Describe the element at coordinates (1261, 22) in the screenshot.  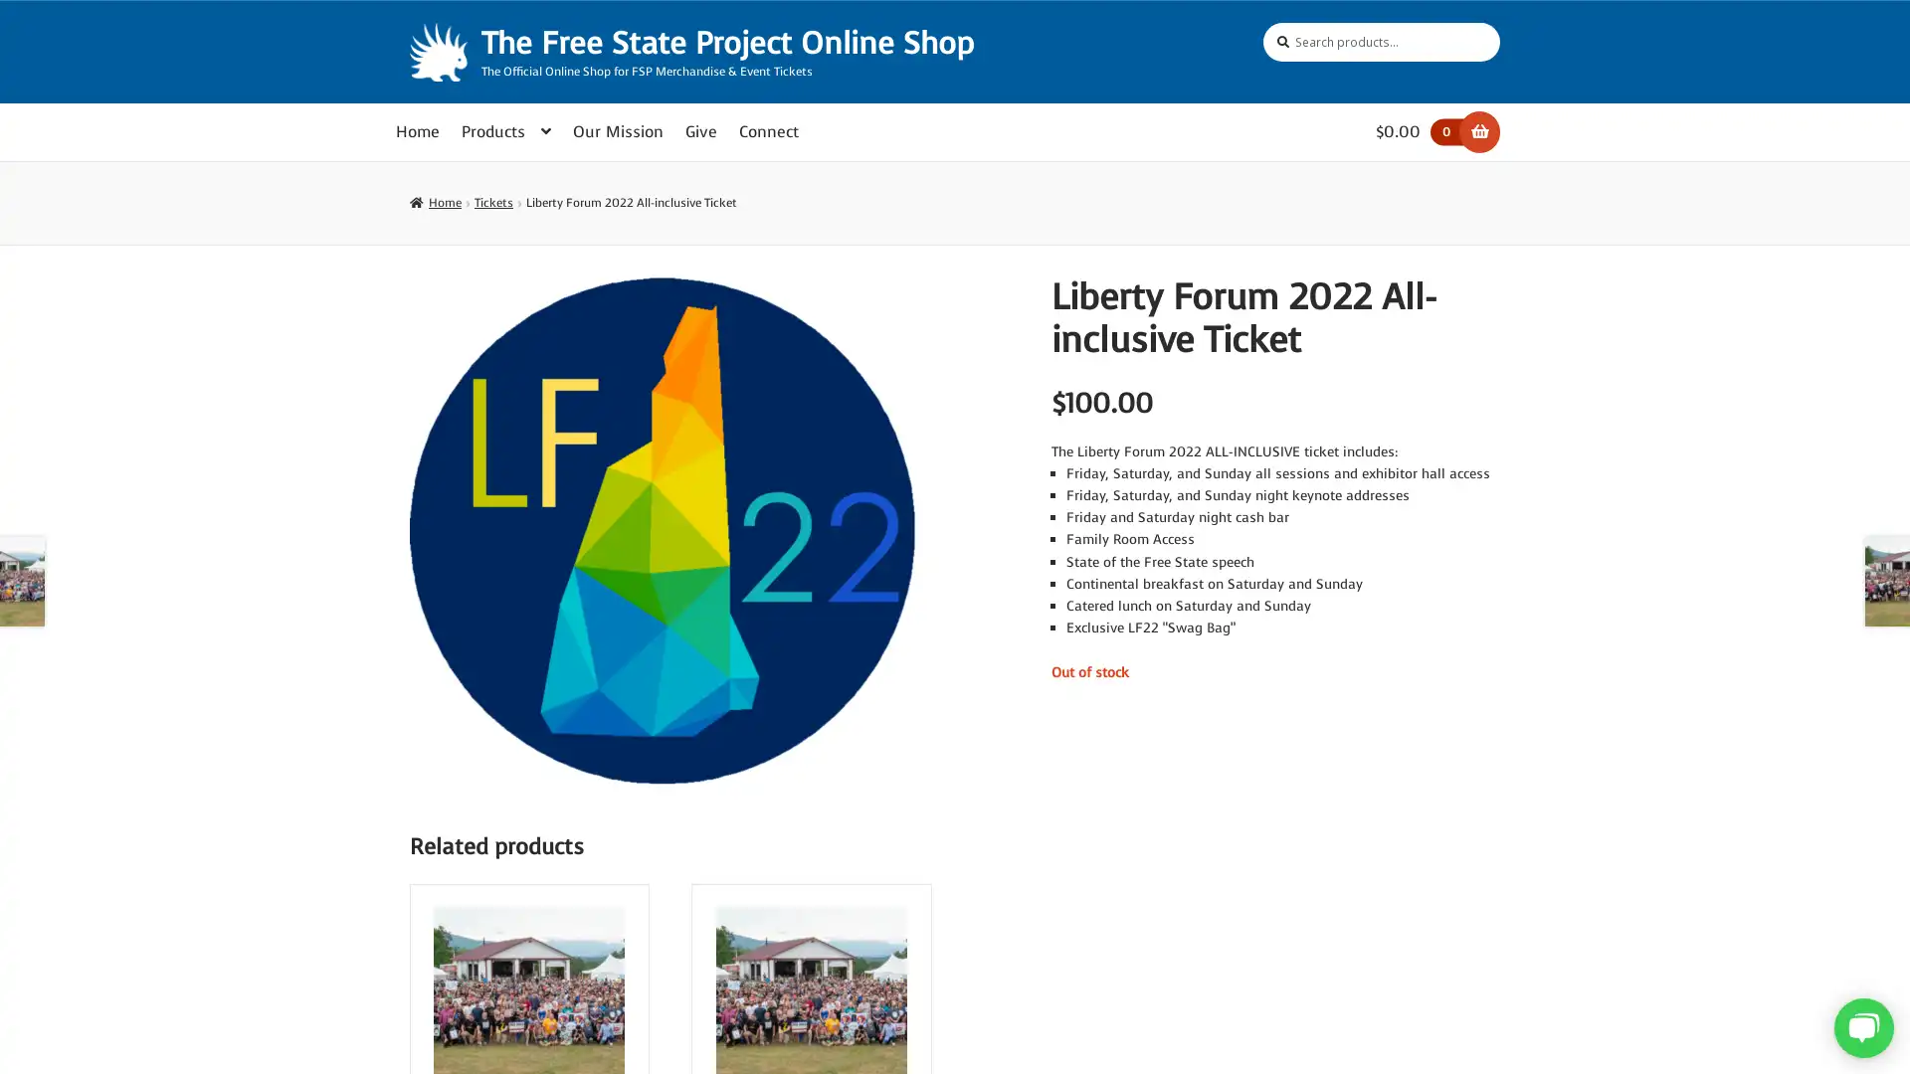
I see `Search` at that location.